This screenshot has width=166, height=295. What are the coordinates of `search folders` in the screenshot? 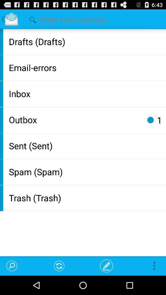 It's located at (84, 19).